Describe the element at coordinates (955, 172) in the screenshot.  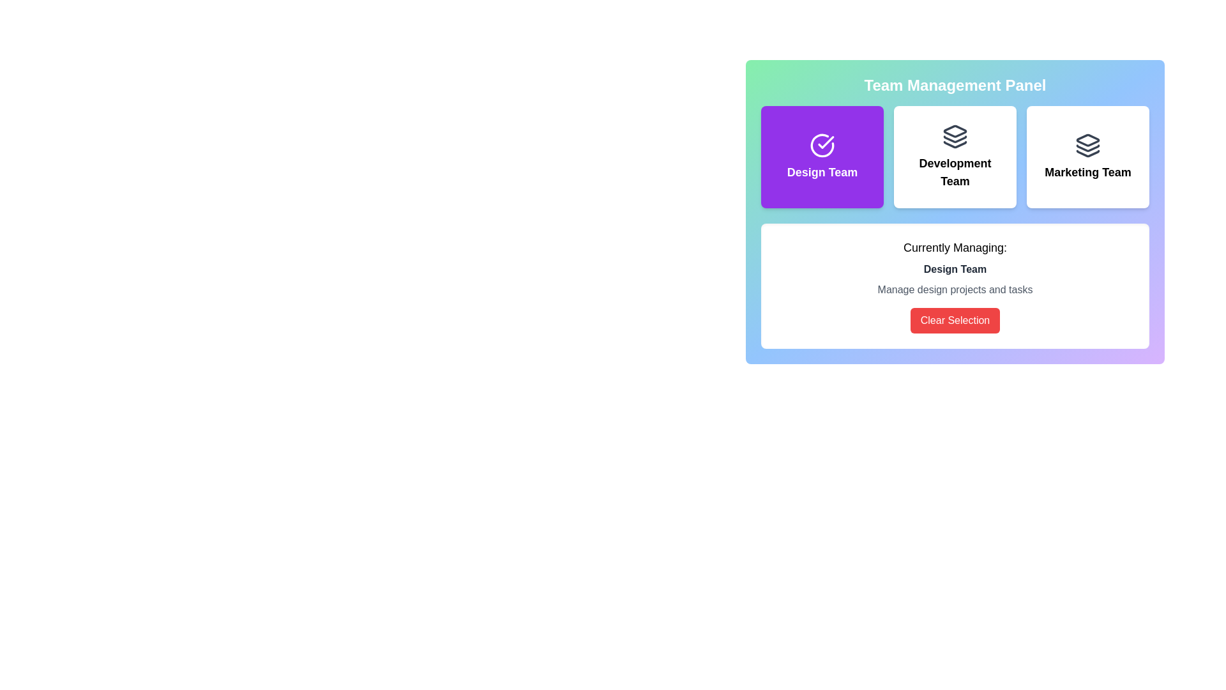
I see `text displayed in the heading or label element that prominently shows 'Development Team' in a bold font, located at the center of the Team Management Panel section` at that location.